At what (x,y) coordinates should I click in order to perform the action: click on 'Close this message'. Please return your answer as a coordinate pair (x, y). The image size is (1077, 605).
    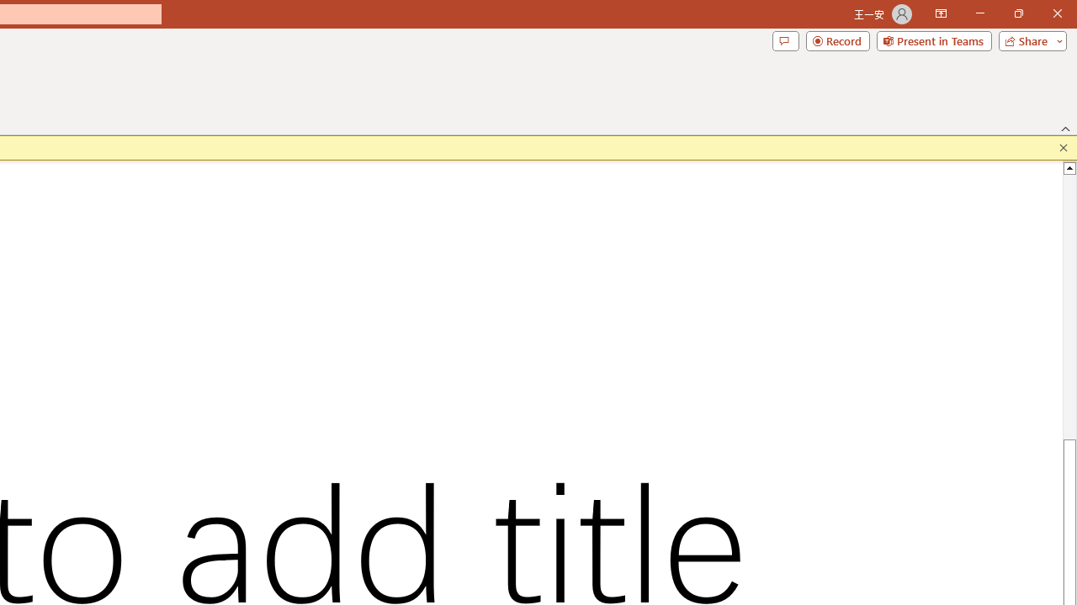
    Looking at the image, I should click on (1063, 147).